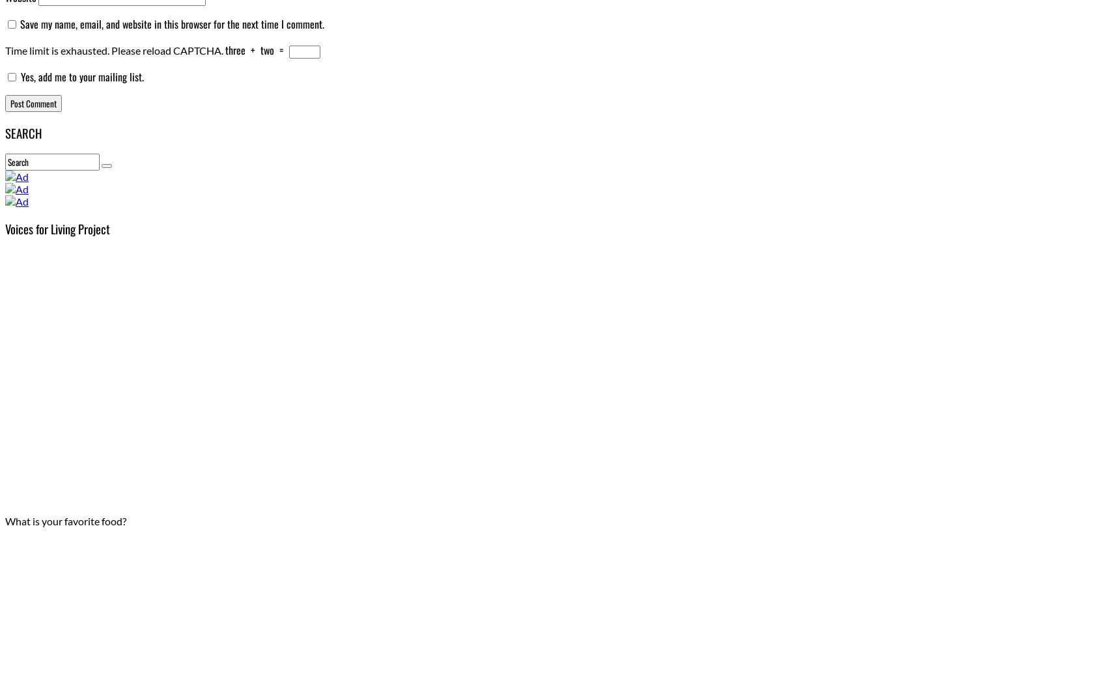 Image resolution: width=1107 pixels, height=677 pixels. I want to click on '+', so click(247, 49).